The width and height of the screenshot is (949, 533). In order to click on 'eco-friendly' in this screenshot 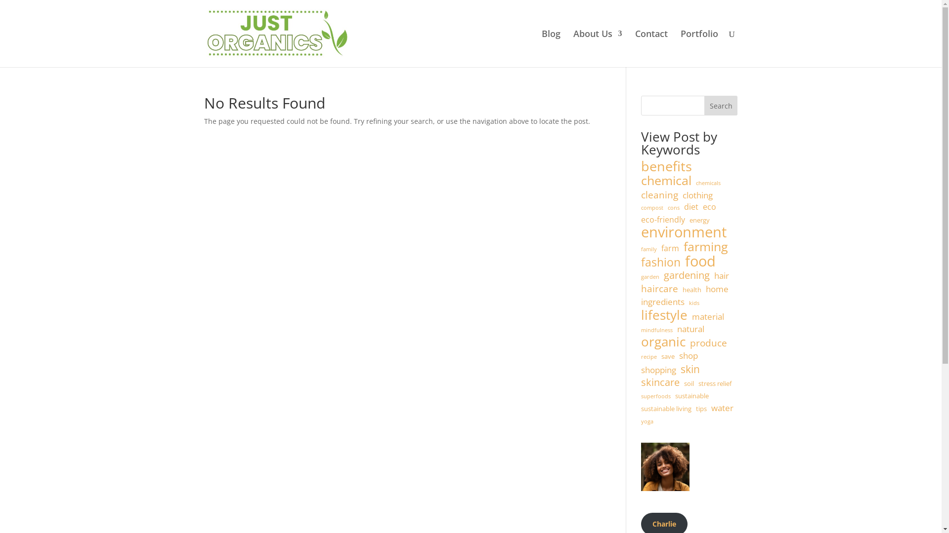, I will do `click(663, 220)`.